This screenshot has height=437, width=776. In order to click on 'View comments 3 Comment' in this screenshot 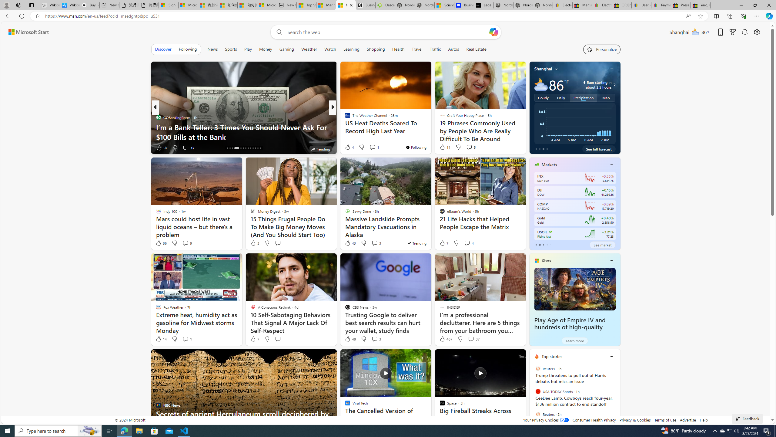, I will do `click(376, 338)`.